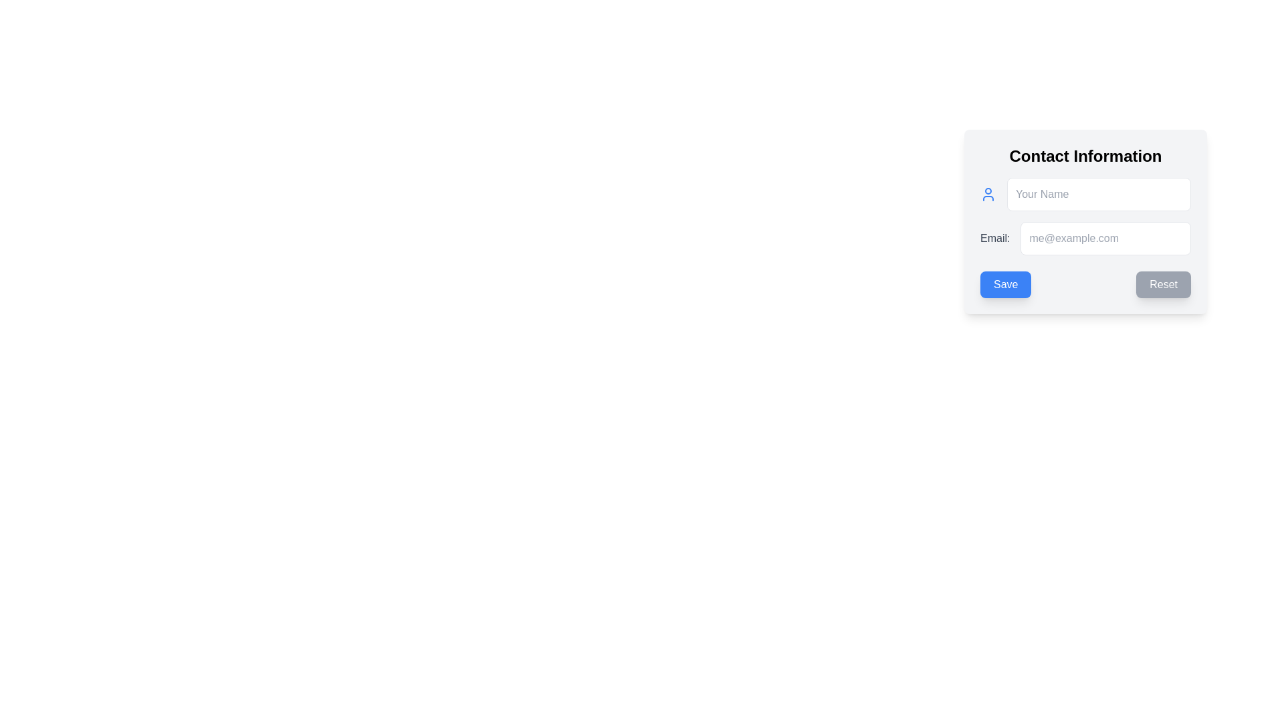 This screenshot has height=722, width=1284. Describe the element at coordinates (1006, 283) in the screenshot. I see `the primary action button for saving contact information, located in the 'Contact Information' section` at that location.